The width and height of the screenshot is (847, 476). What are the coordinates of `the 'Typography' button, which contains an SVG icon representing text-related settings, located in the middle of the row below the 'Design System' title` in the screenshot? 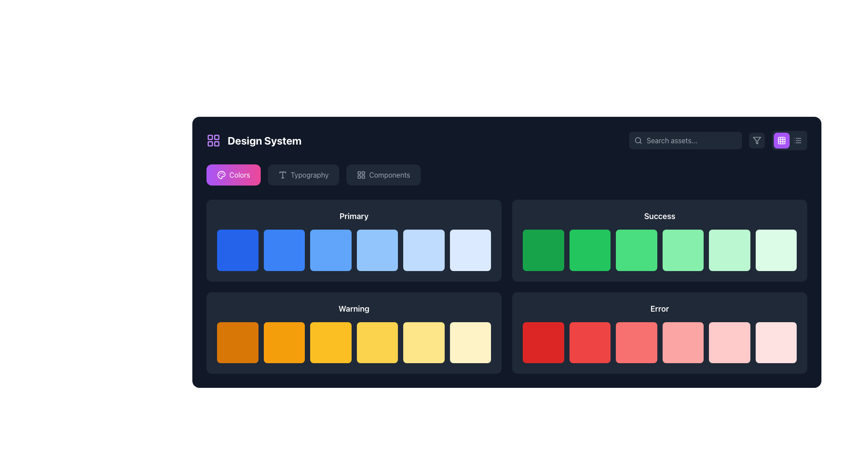 It's located at (282, 175).